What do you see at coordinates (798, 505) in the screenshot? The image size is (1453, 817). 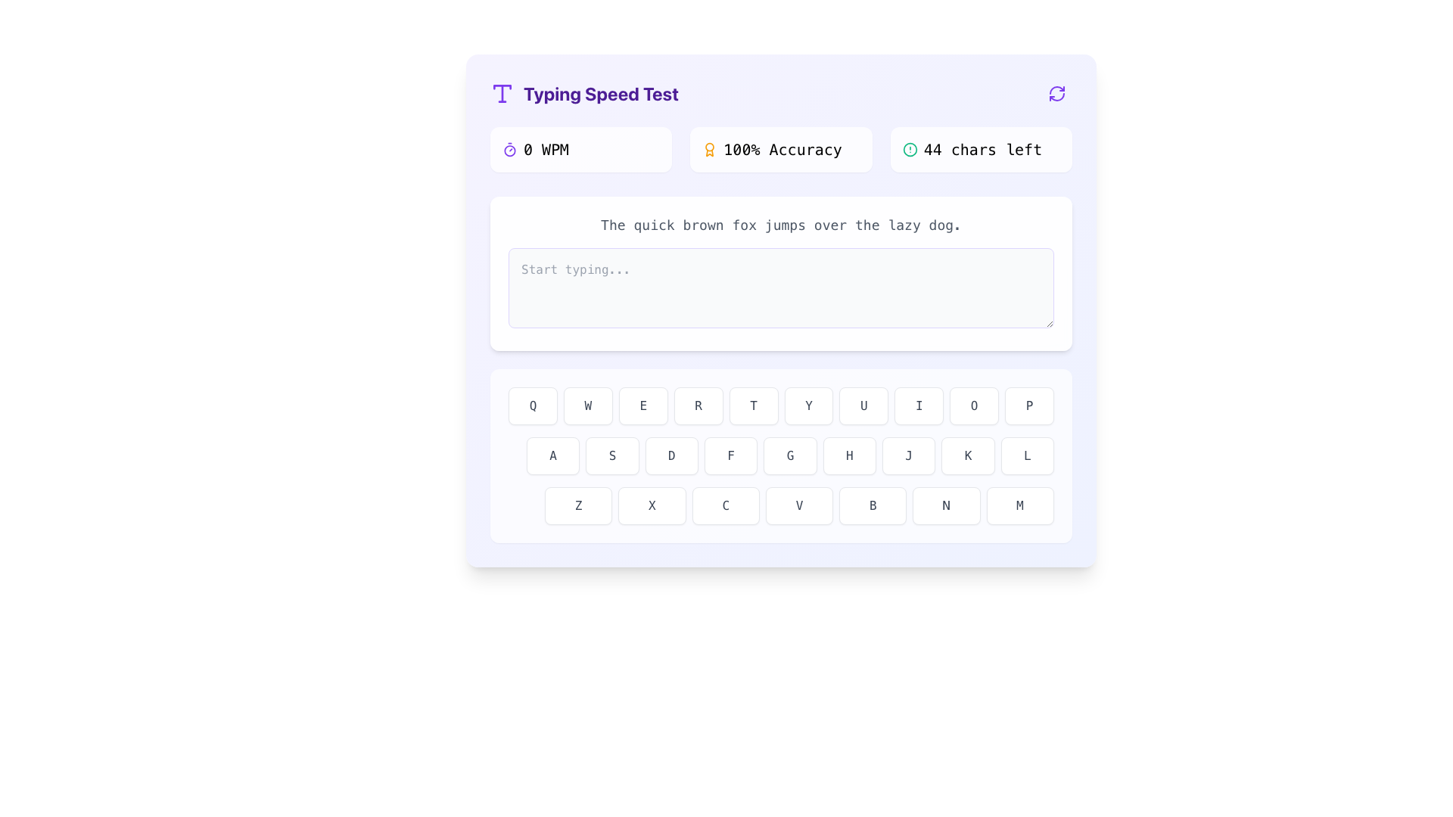 I see `the fourth button in the horizontal sequence of seven buttons to input the character 'V'` at bounding box center [798, 505].